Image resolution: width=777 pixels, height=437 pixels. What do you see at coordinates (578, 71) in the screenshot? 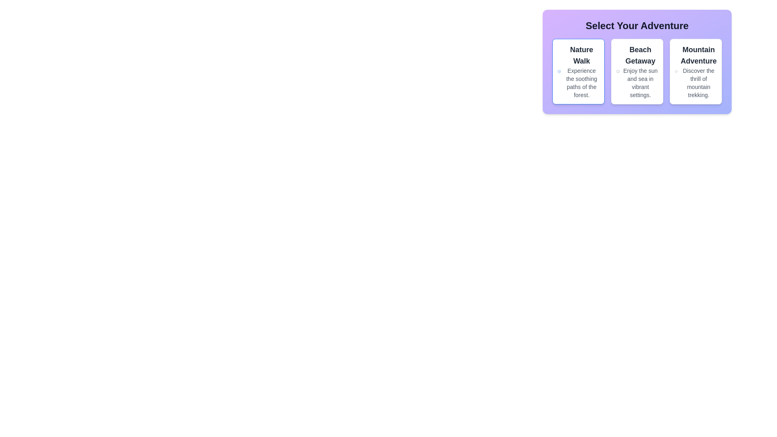
I see `the first Card component in the grid that presents the 'Nature Walk' experience option` at bounding box center [578, 71].